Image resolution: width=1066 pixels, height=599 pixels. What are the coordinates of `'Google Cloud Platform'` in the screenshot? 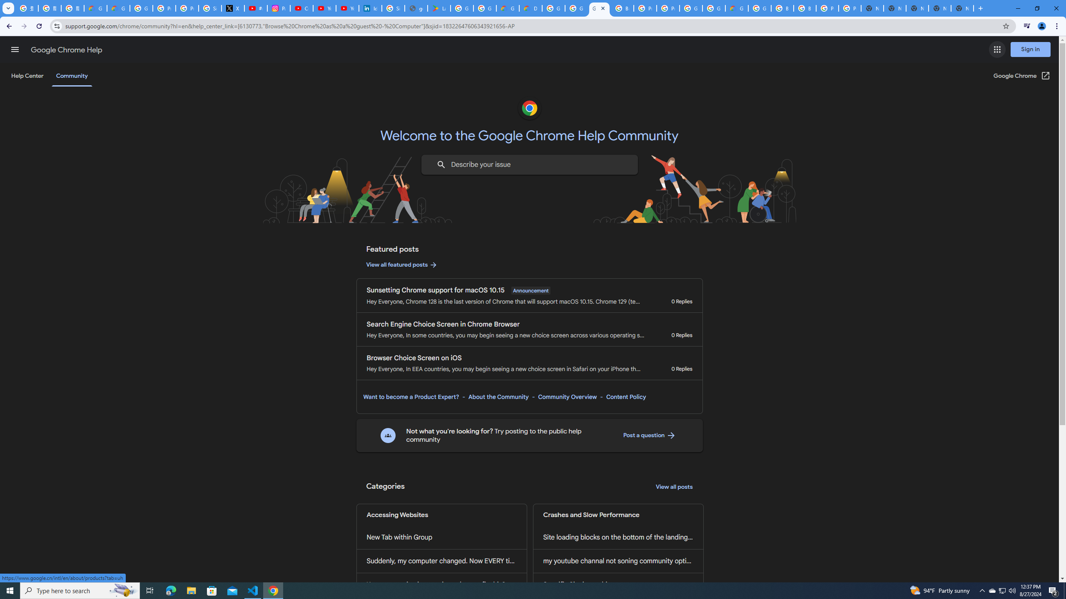 It's located at (713, 8).